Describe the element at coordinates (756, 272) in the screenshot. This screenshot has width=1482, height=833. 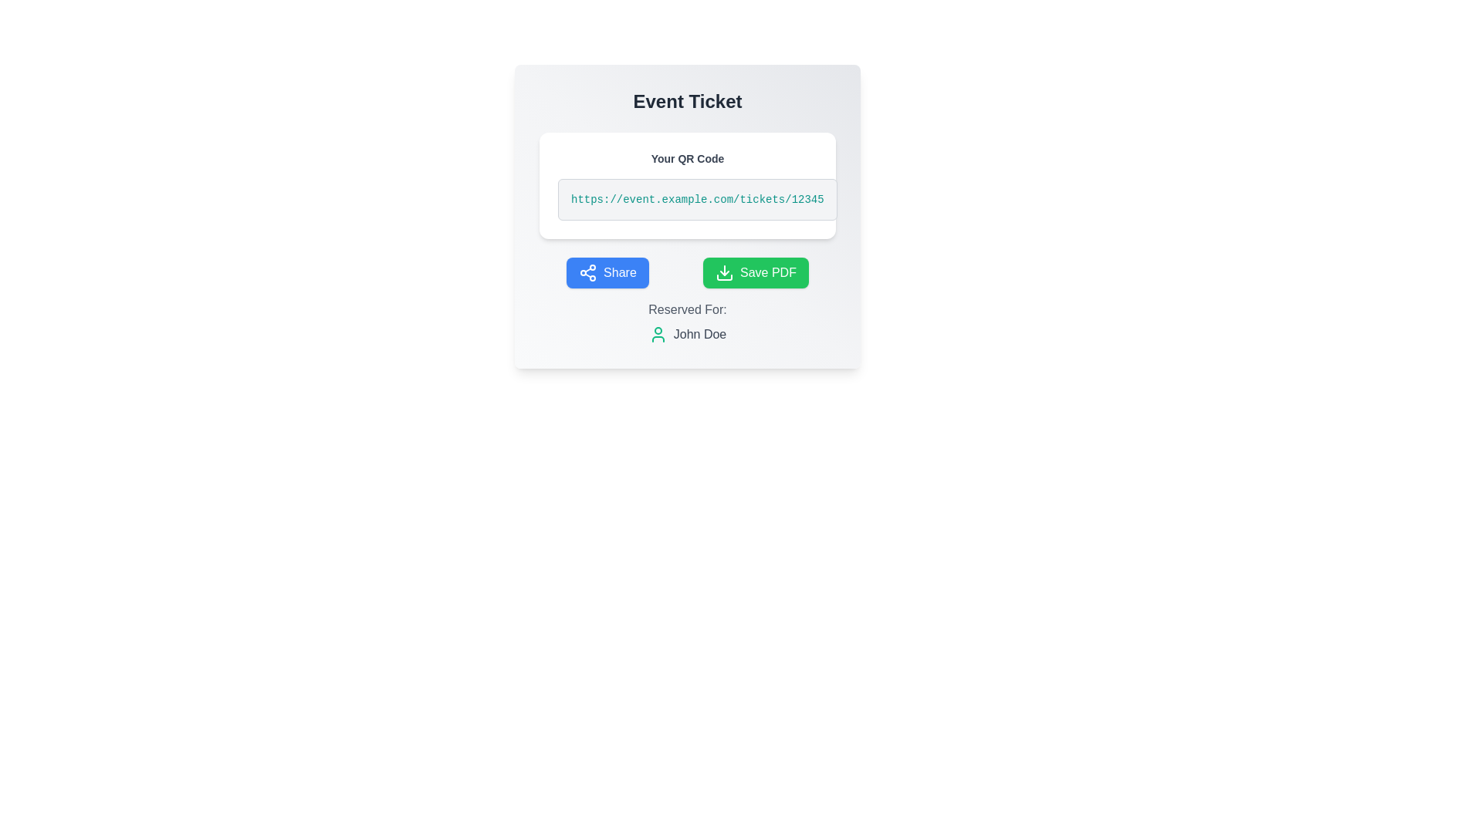
I see `the 'Save PDF' button, which is the second button in a horizontal row of two buttons at the center-bottom of the main dialog` at that location.